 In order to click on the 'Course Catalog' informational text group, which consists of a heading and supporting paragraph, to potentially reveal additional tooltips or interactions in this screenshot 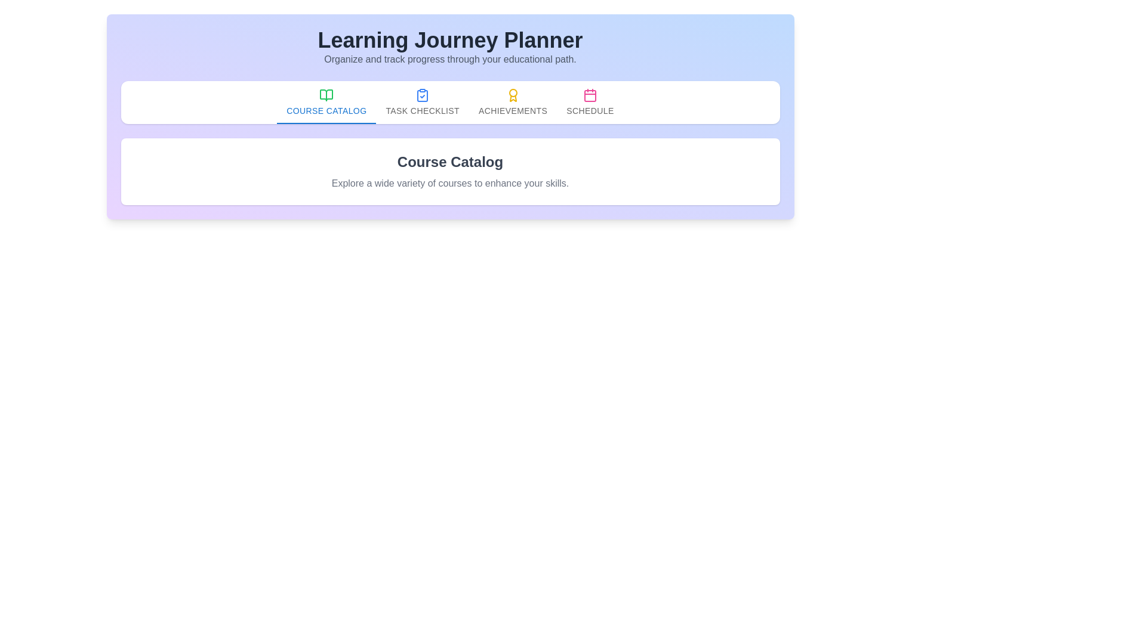, I will do `click(449, 172)`.